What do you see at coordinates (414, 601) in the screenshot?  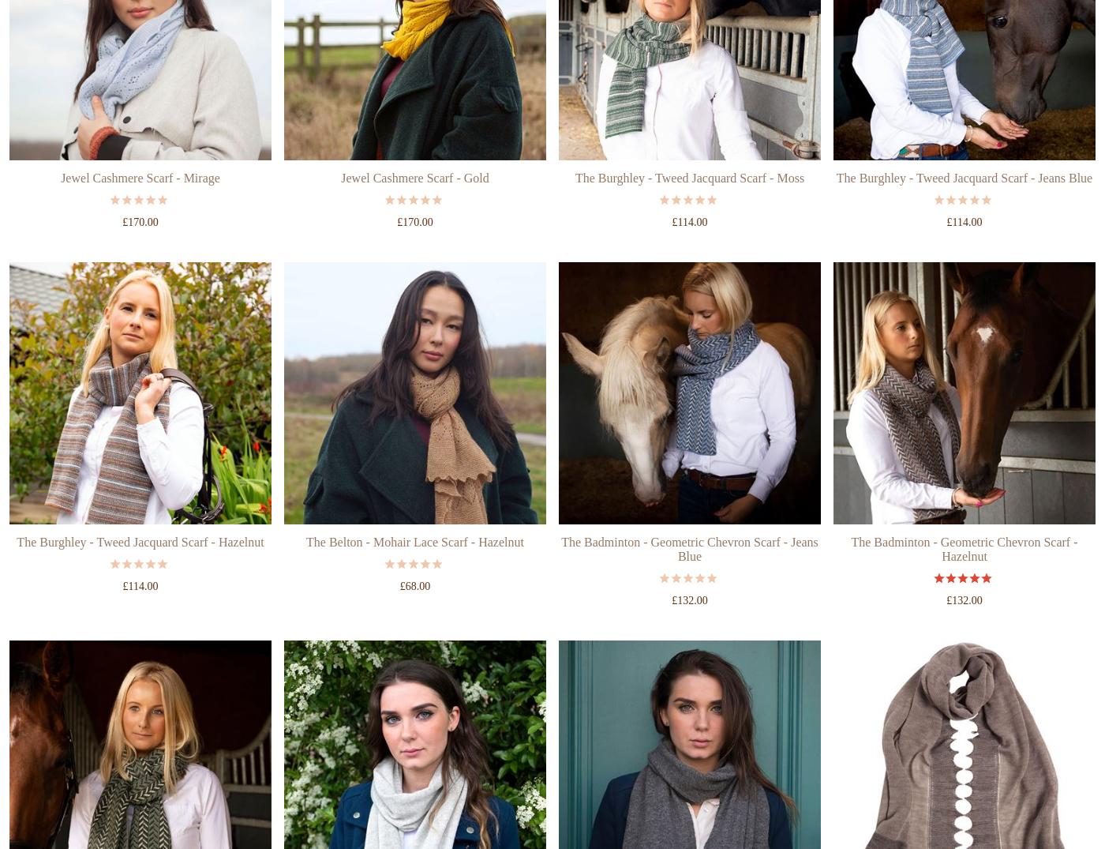 I see `'The Belton - Mohair Lace Scarf - Hazelnut'` at bounding box center [414, 601].